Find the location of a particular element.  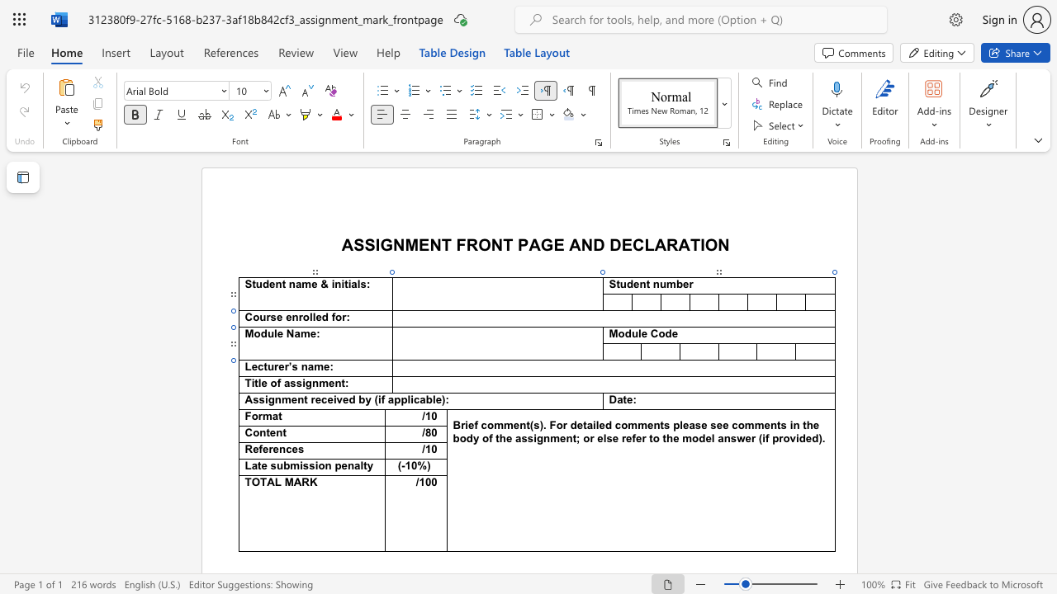

the space between the continuous character "e" and ")" in the text is located at coordinates (441, 399).